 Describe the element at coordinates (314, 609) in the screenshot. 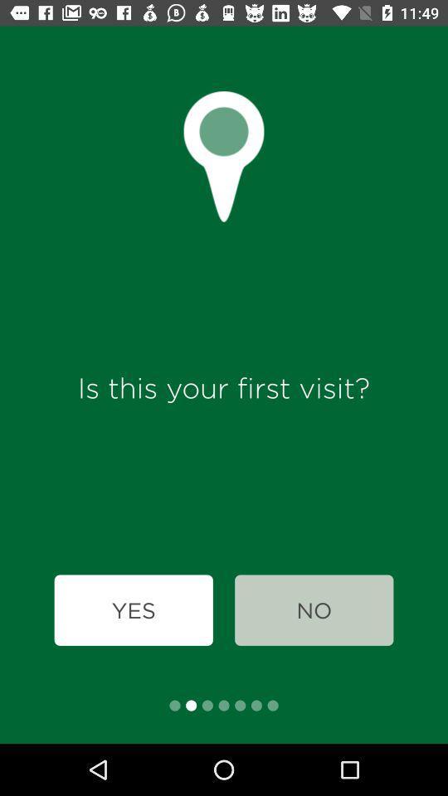

I see `the no item` at that location.